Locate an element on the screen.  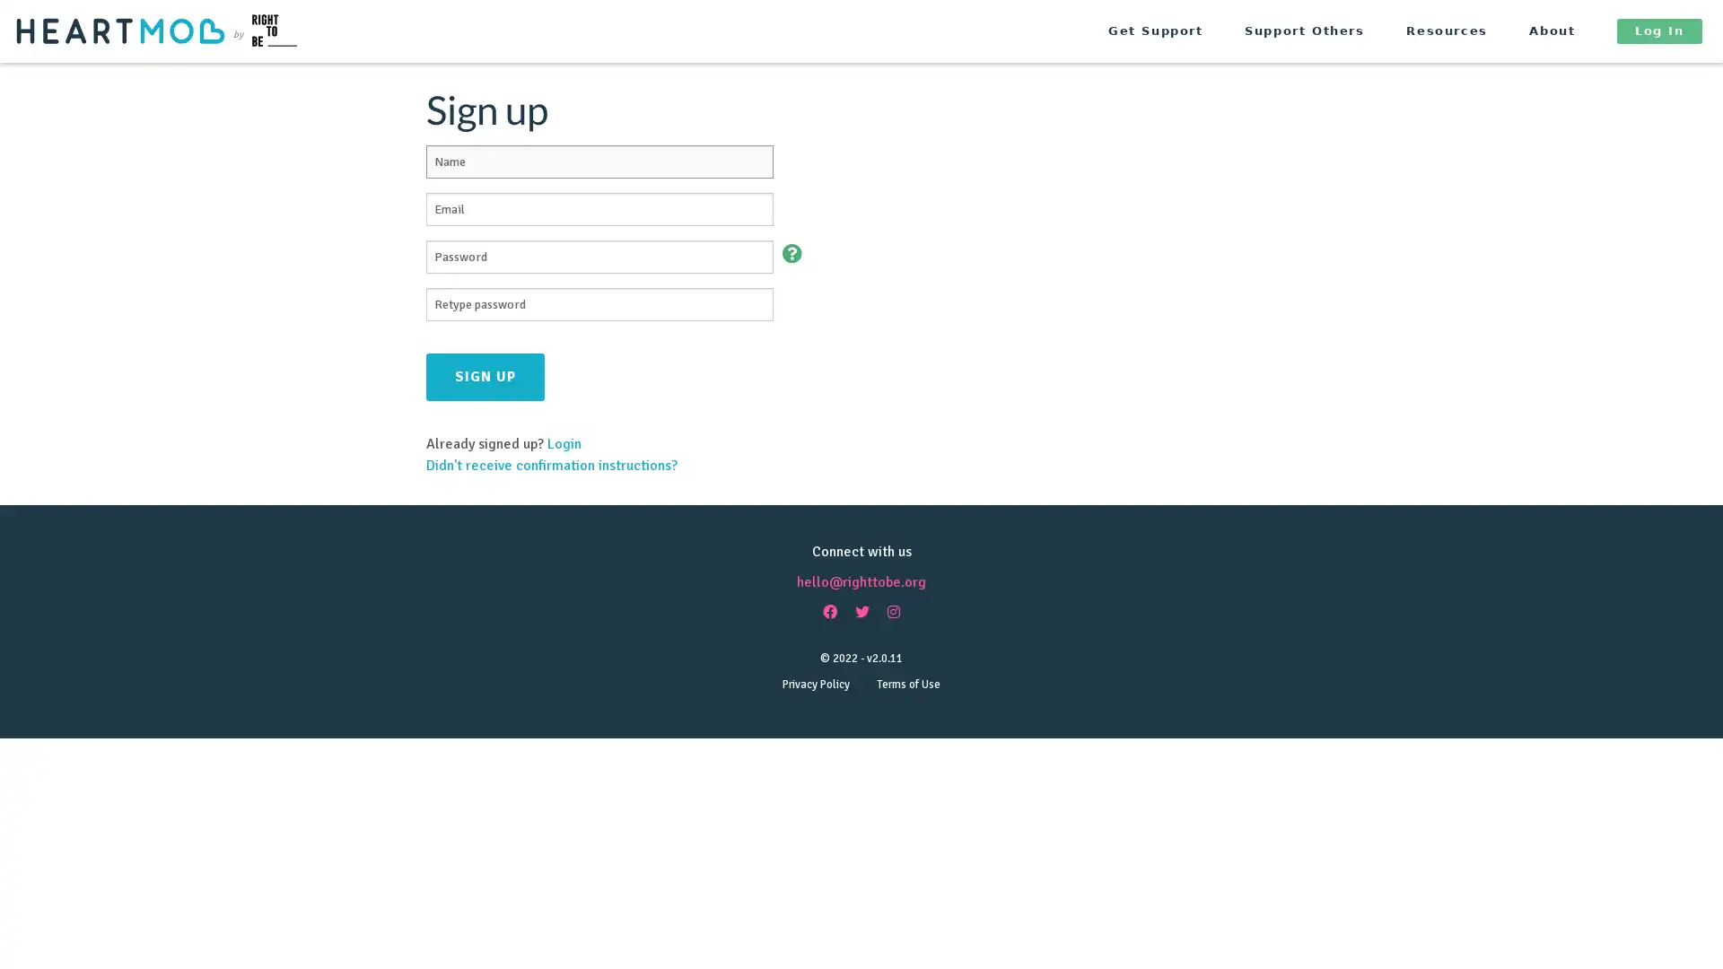
Sign up is located at coordinates (485, 375).